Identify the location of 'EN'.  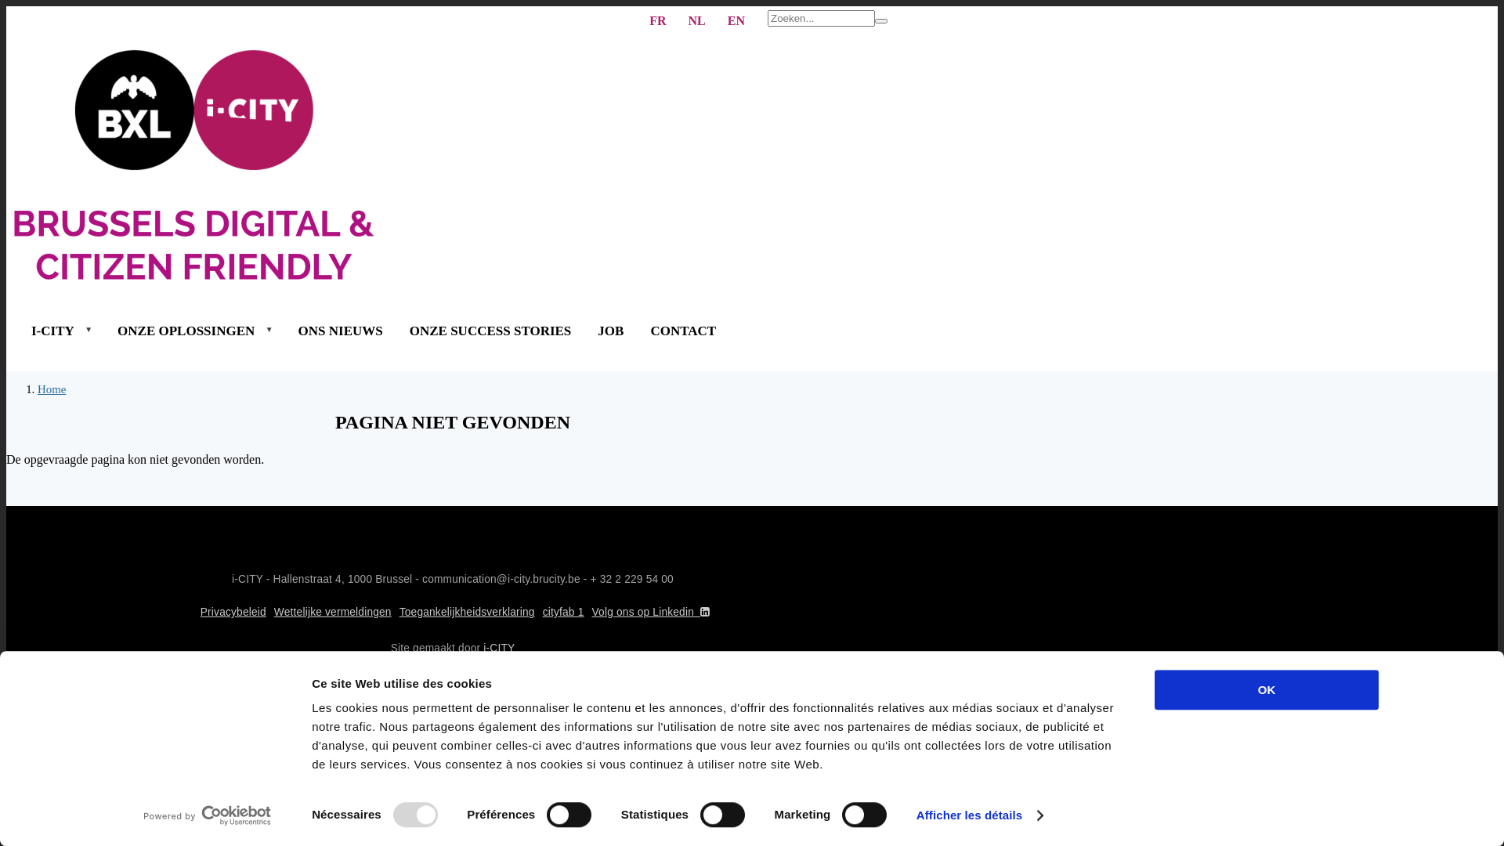
(736, 20).